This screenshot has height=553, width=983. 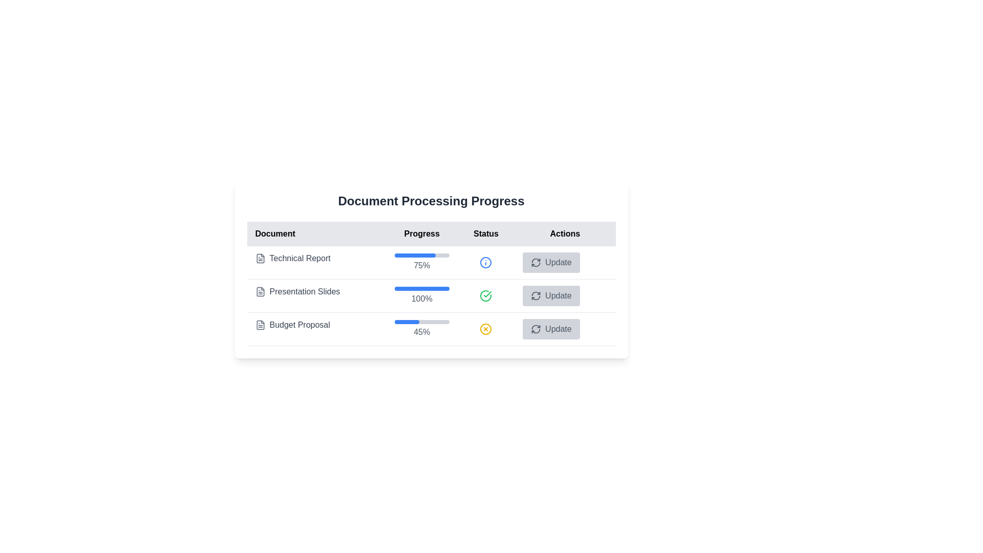 I want to click on the progress bar indicating 75% completion for the 'Technical Report' task, positioned at the top of the progress indicators in the 'Progress' column, so click(x=415, y=254).